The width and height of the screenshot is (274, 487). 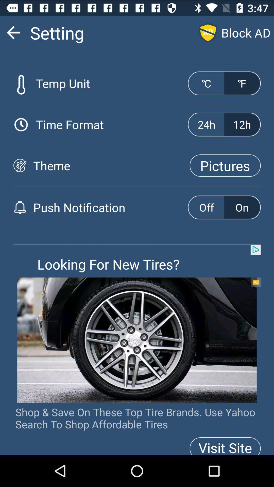 What do you see at coordinates (206, 207) in the screenshot?
I see `off botton which is below pictures` at bounding box center [206, 207].